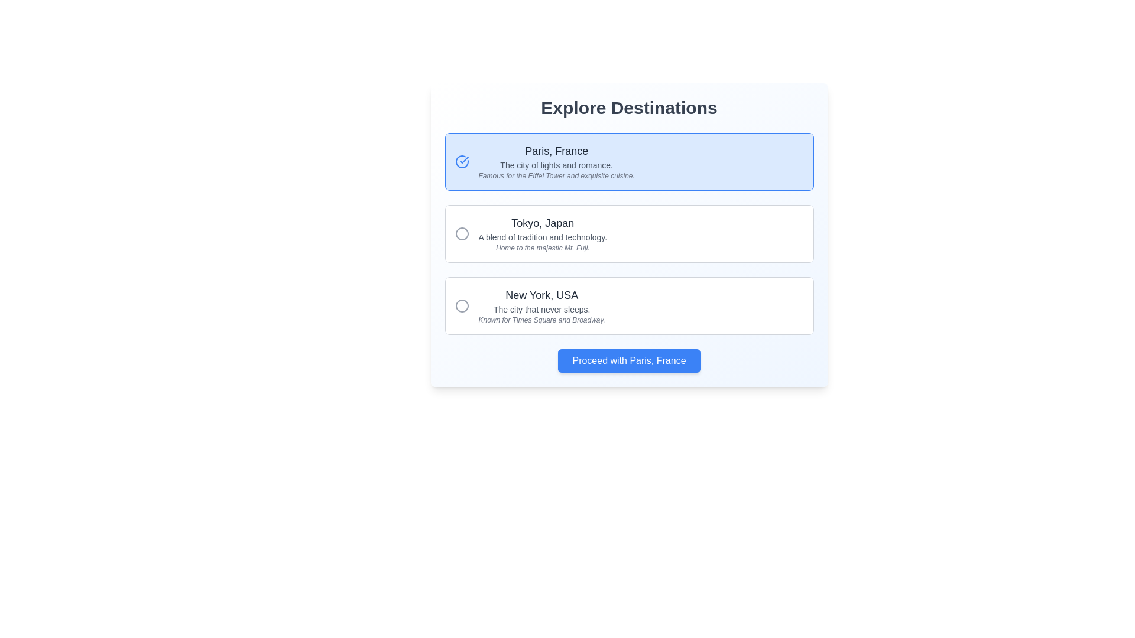 The image size is (1135, 638). I want to click on the text label identifying the geographical location 'Tokyo, Japan', which serves as a title above the descriptive text elements and is visually non-interactive, so click(542, 223).